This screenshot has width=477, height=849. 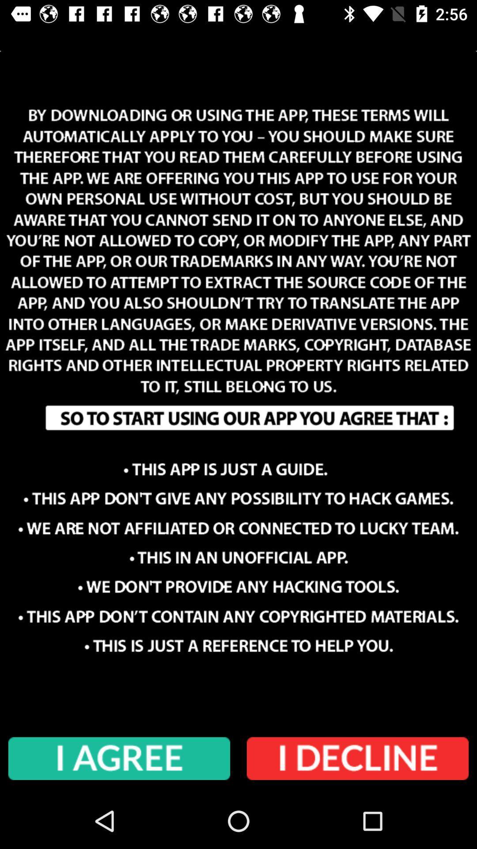 What do you see at coordinates (358, 758) in the screenshot?
I see `decline option` at bounding box center [358, 758].